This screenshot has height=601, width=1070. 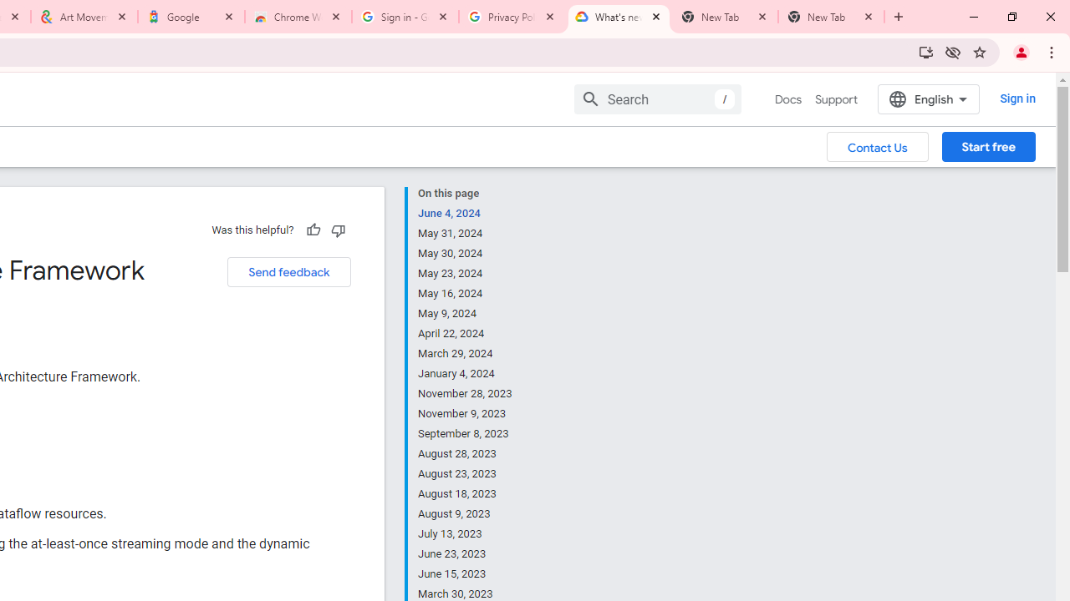 I want to click on 'August 18, 2023', so click(x=466, y=493).